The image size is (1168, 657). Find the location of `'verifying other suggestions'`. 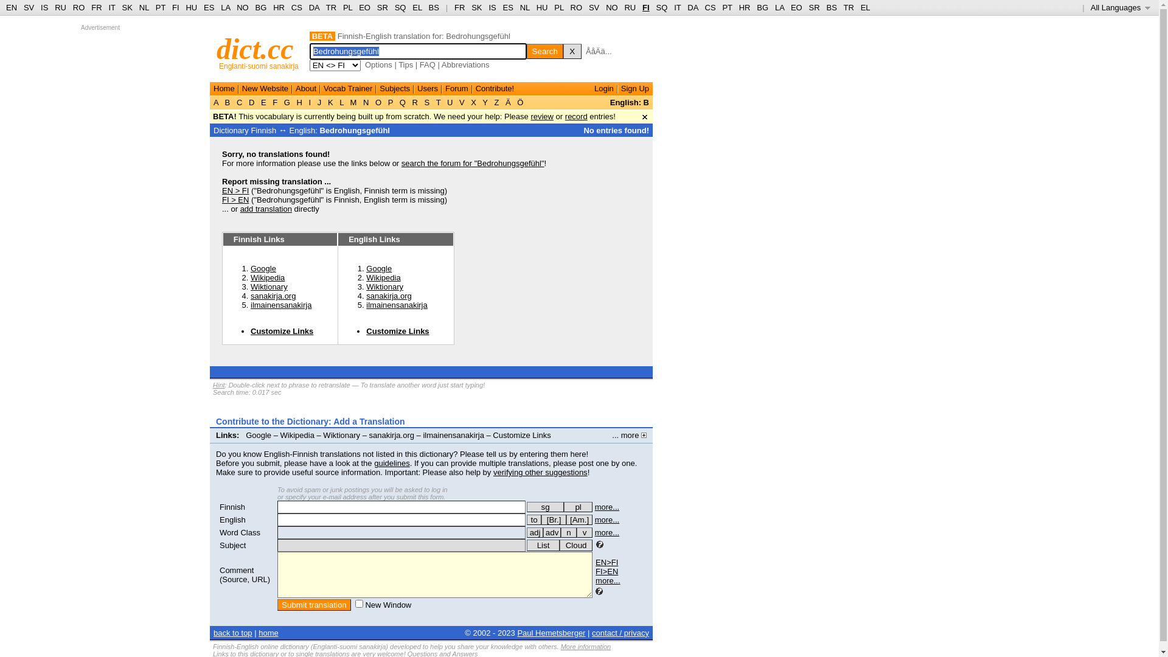

'verifying other suggestions' is located at coordinates (540, 471).